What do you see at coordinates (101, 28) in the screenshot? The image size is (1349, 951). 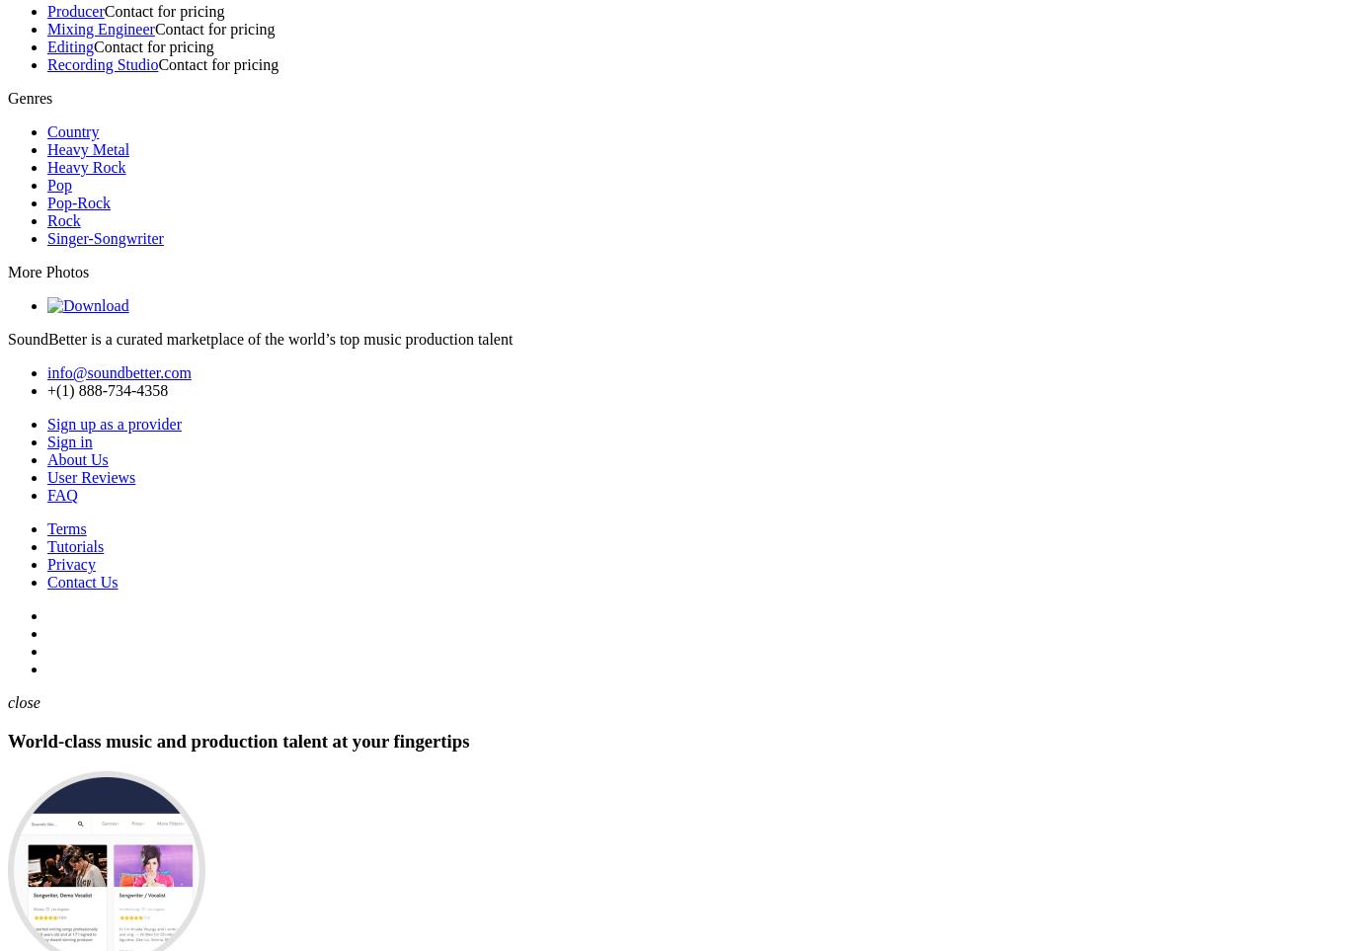 I see `'Mixing Engineer'` at bounding box center [101, 28].